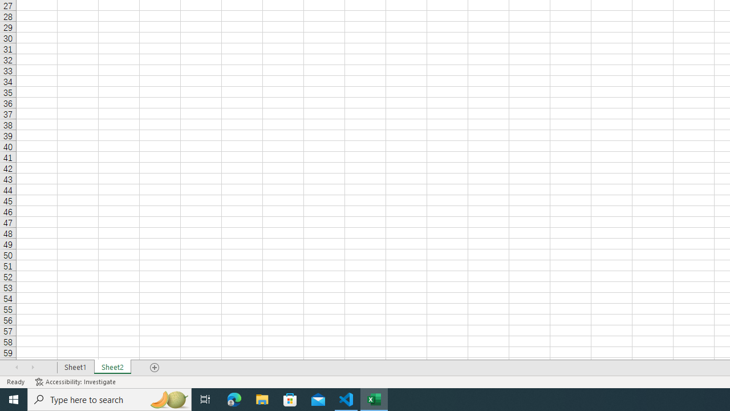 This screenshot has height=411, width=730. I want to click on 'Add Sheet', so click(155, 368).